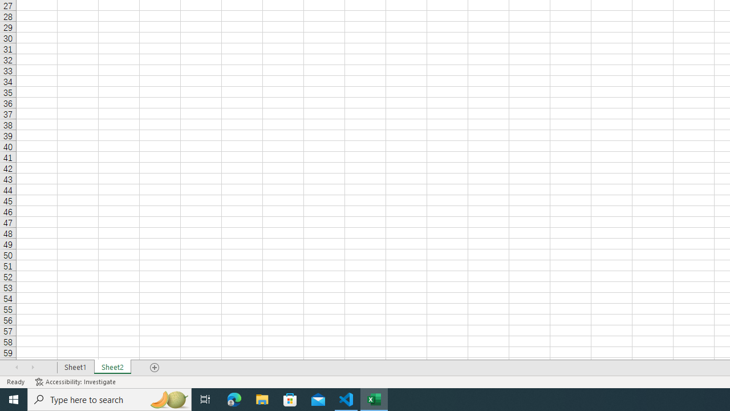 This screenshot has height=411, width=730. I want to click on 'Add Sheet', so click(155, 368).